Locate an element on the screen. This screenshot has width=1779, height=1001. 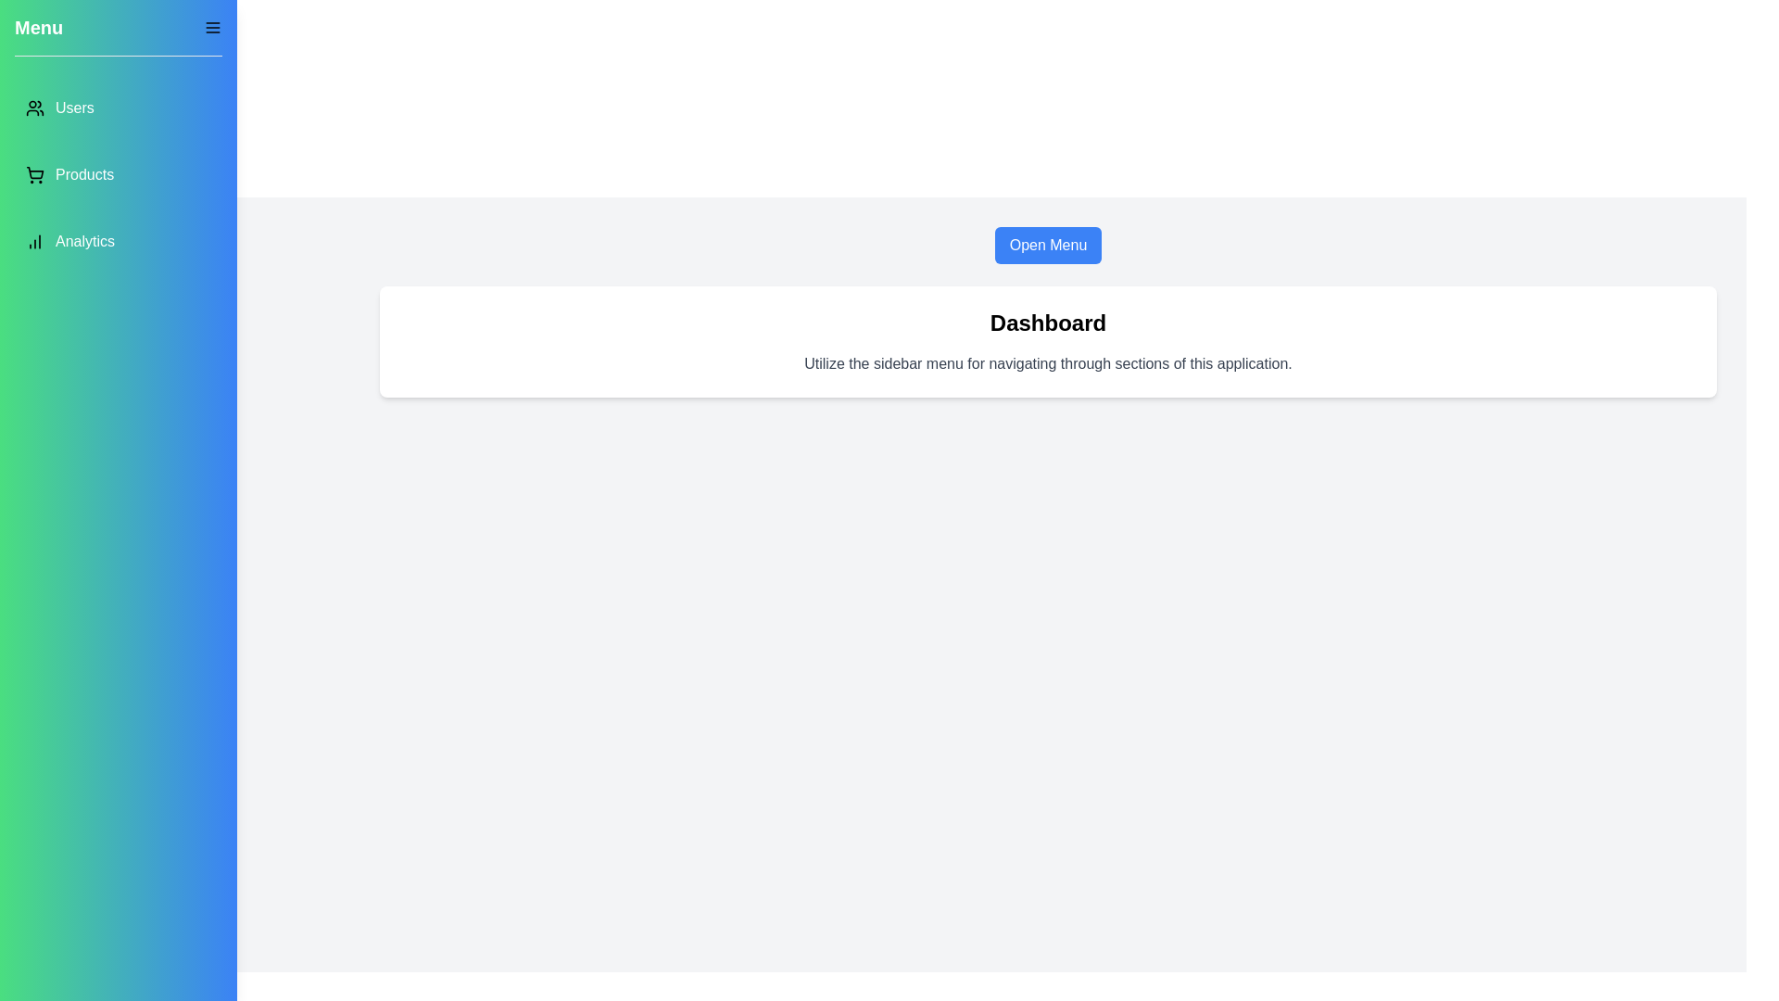
the close button in the drawer to close it is located at coordinates (213, 28).